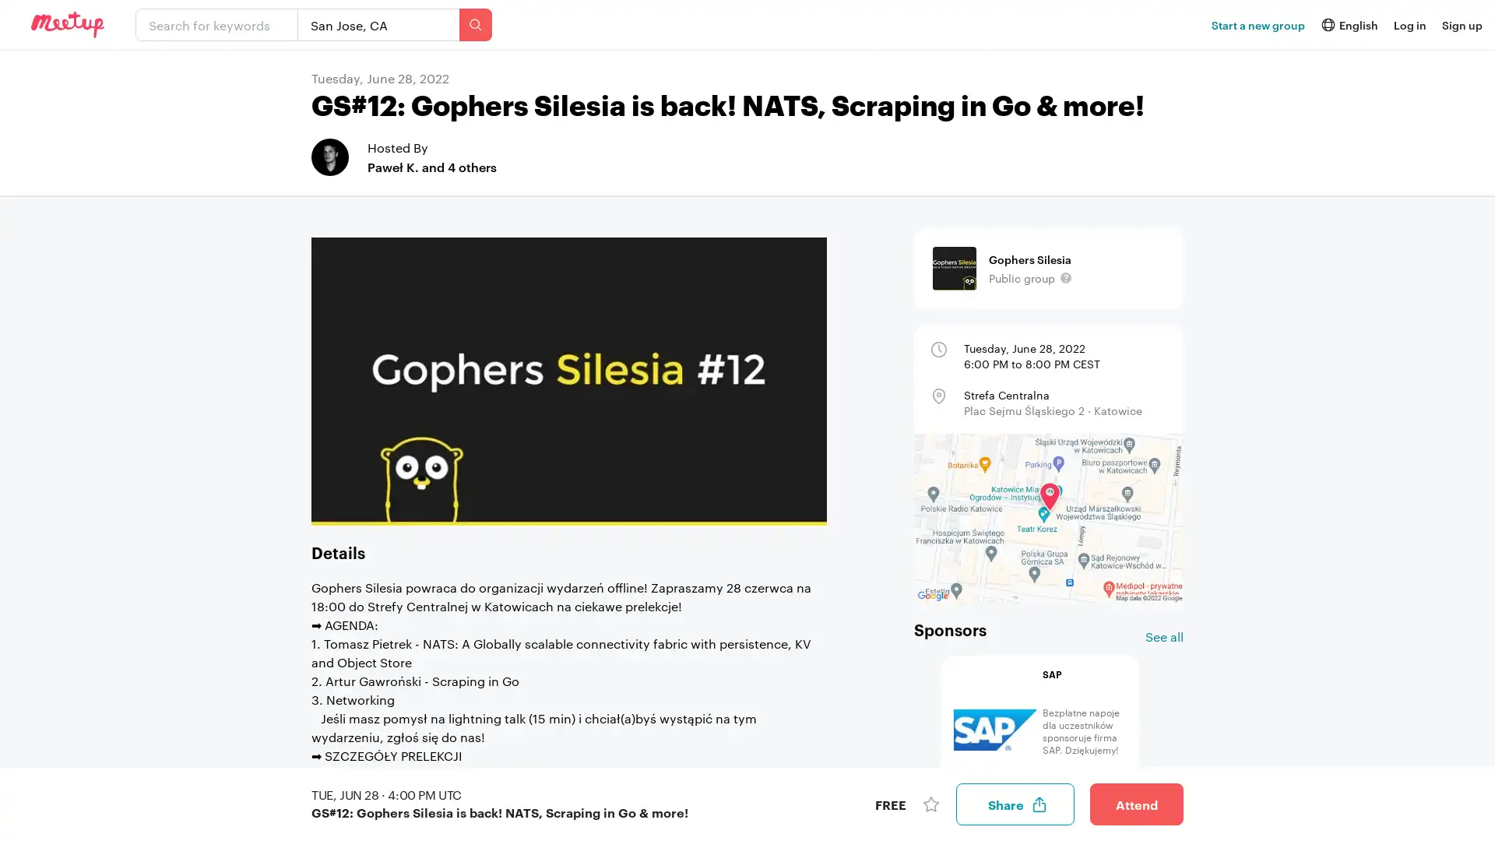 The width and height of the screenshot is (1495, 841). What do you see at coordinates (1064, 277) in the screenshot?
I see `This groups content, including its members and event details, are visible to the public.` at bounding box center [1064, 277].